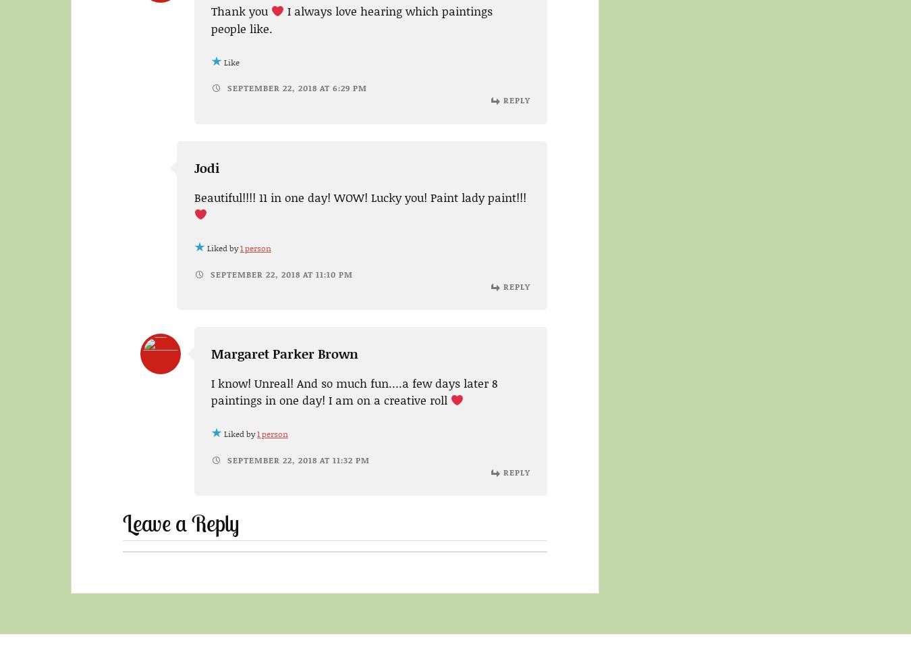 This screenshot has height=668, width=911. Describe the element at coordinates (297, 459) in the screenshot. I see `'September 22, 2018 at 11:32 pm'` at that location.